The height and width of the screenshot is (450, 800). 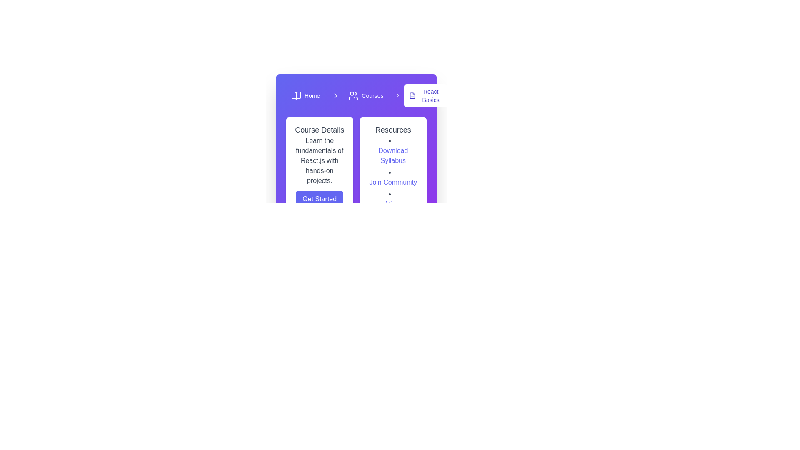 I want to click on text description of the Composite card titled 'Course Details', which is located in the left column of the grid below the navigation bar, so click(x=319, y=171).